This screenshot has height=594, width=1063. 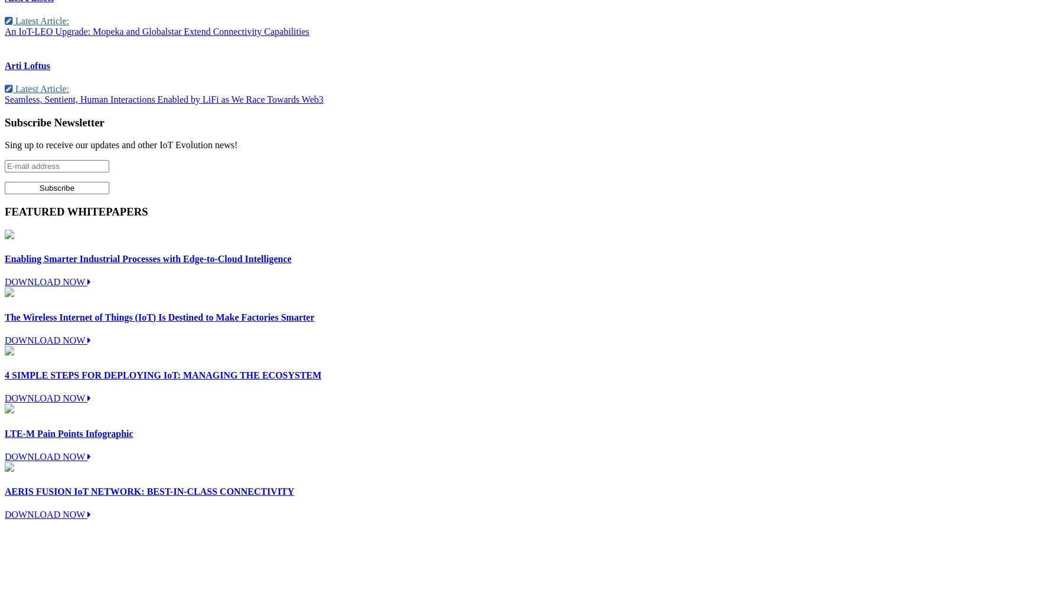 I want to click on 'The Wireless Internet of Things (IoT) Is Destined to Make Factories Smarter', so click(x=4, y=316).